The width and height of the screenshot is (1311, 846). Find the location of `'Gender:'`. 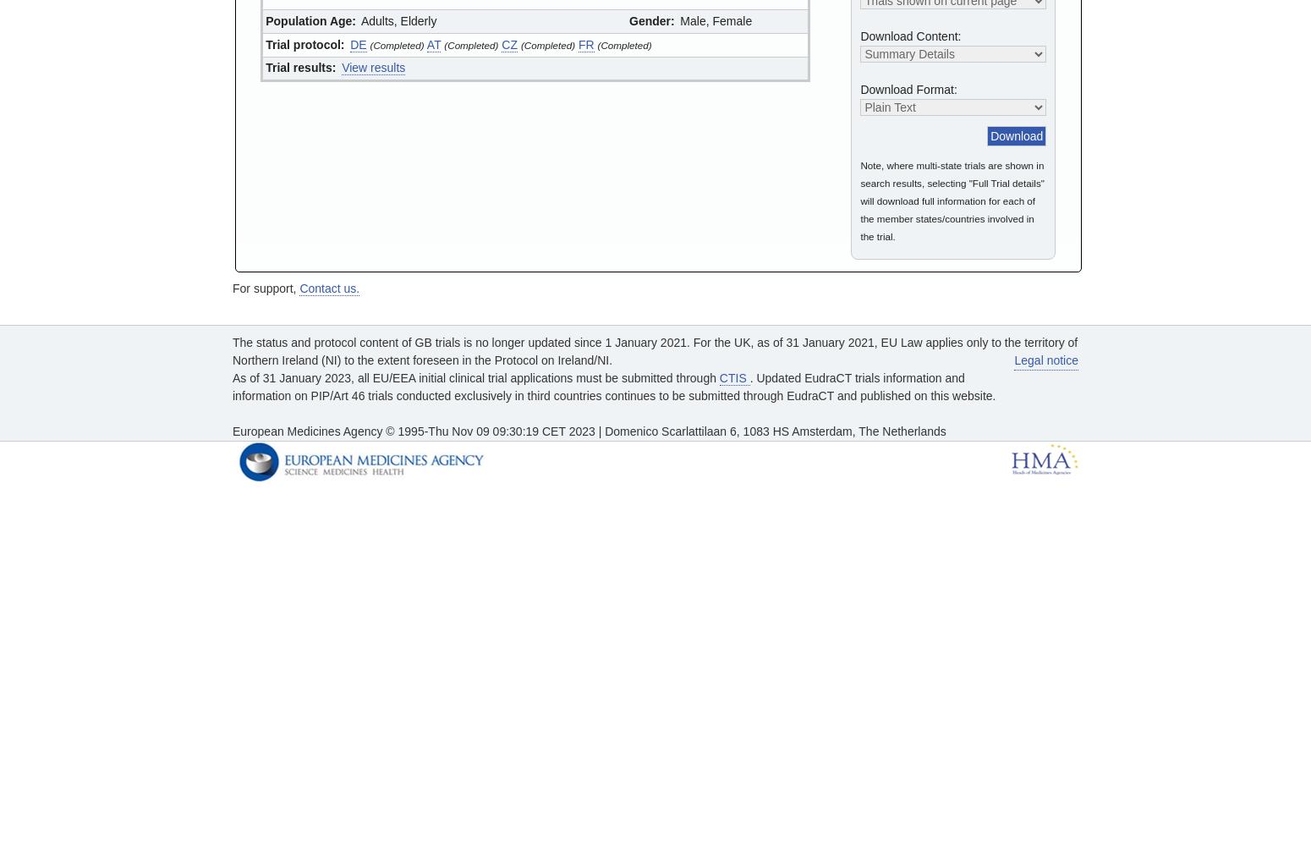

'Gender:' is located at coordinates (651, 21).